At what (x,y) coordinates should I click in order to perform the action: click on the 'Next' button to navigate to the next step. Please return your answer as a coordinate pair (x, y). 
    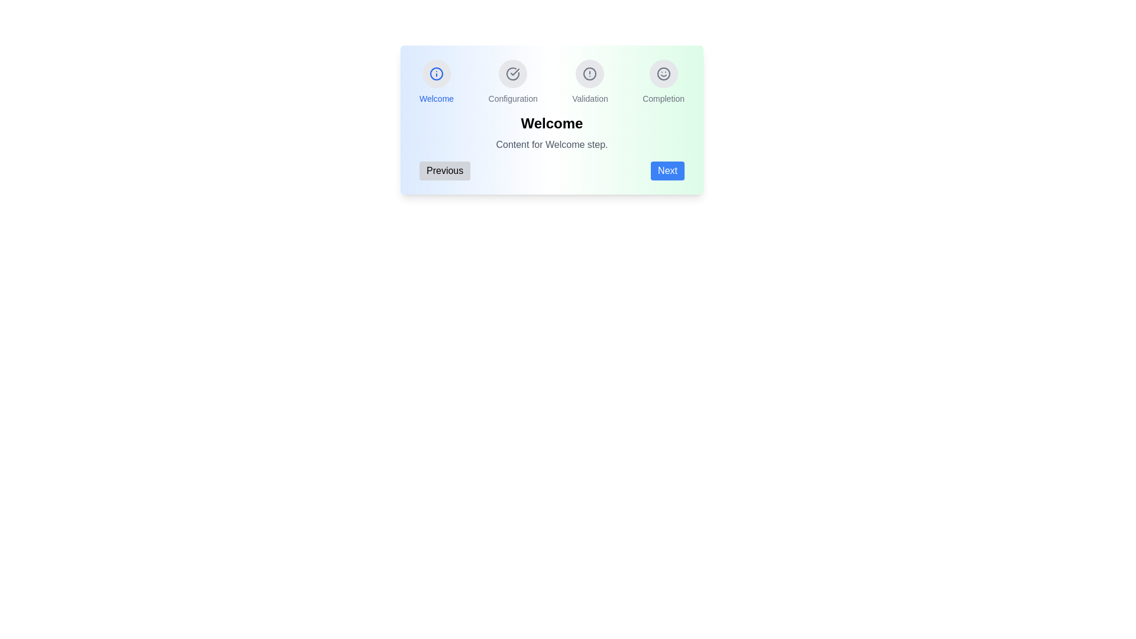
    Looking at the image, I should click on (667, 171).